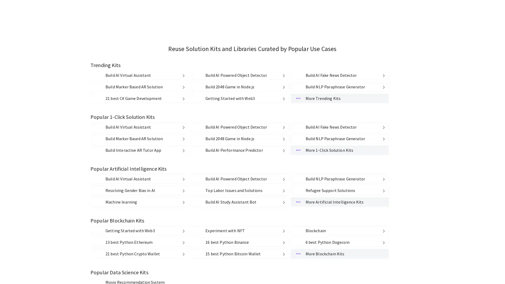 Image resolution: width=505 pixels, height=284 pixels. Describe the element at coordinates (183, 259) in the screenshot. I see `delete` at that location.